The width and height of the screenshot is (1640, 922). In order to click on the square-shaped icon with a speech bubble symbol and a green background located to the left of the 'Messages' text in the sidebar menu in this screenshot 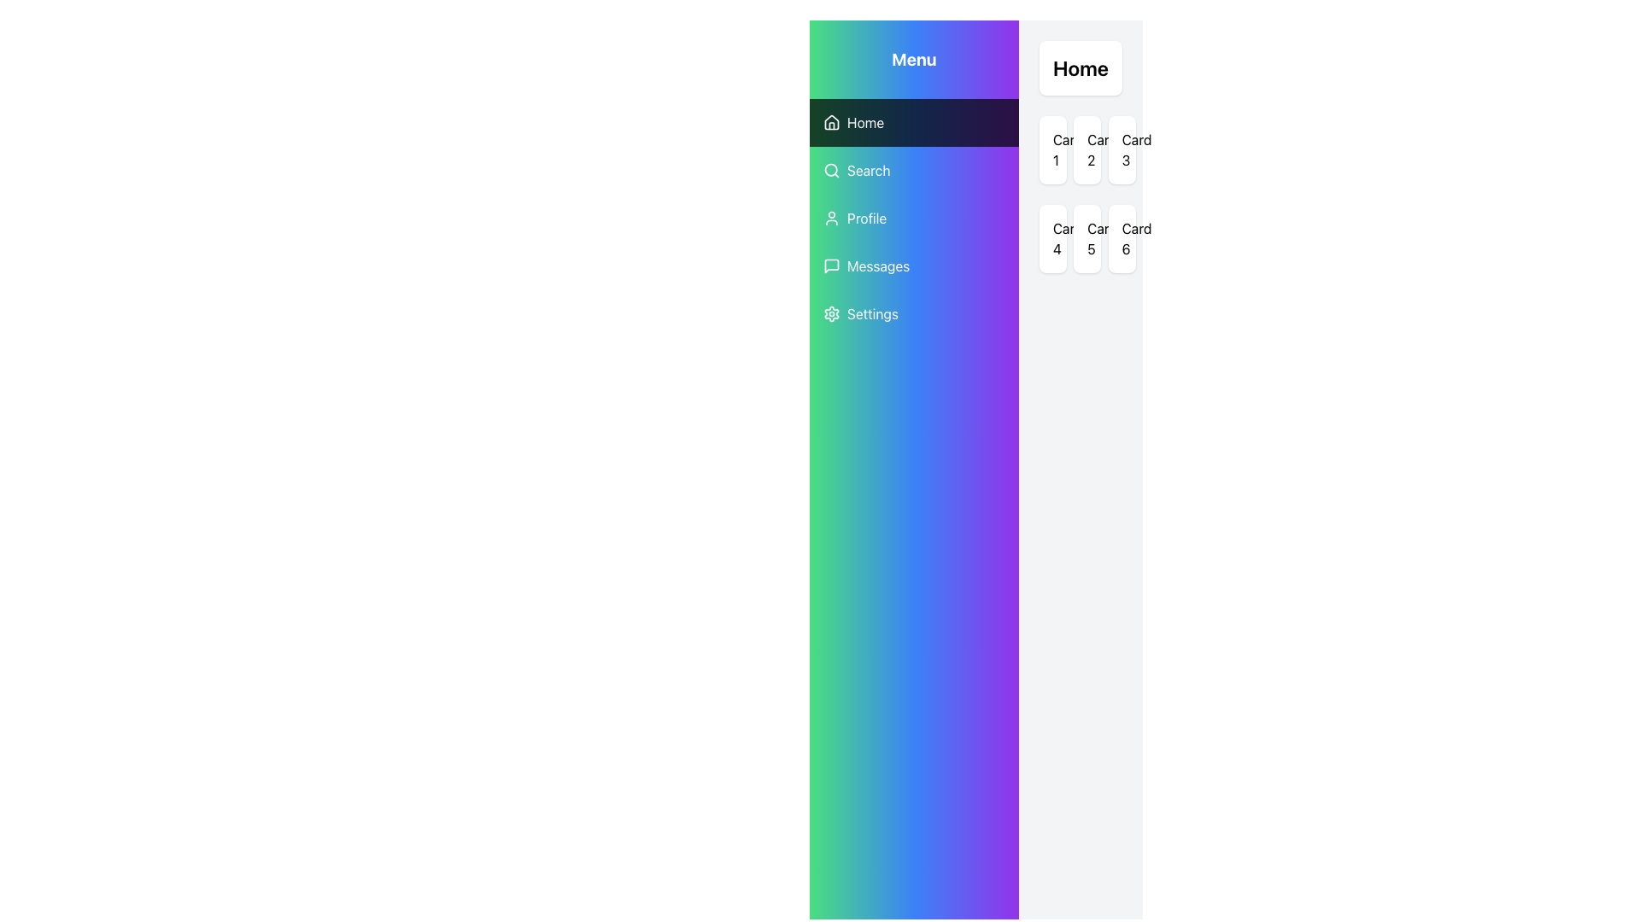, I will do `click(832, 266)`.